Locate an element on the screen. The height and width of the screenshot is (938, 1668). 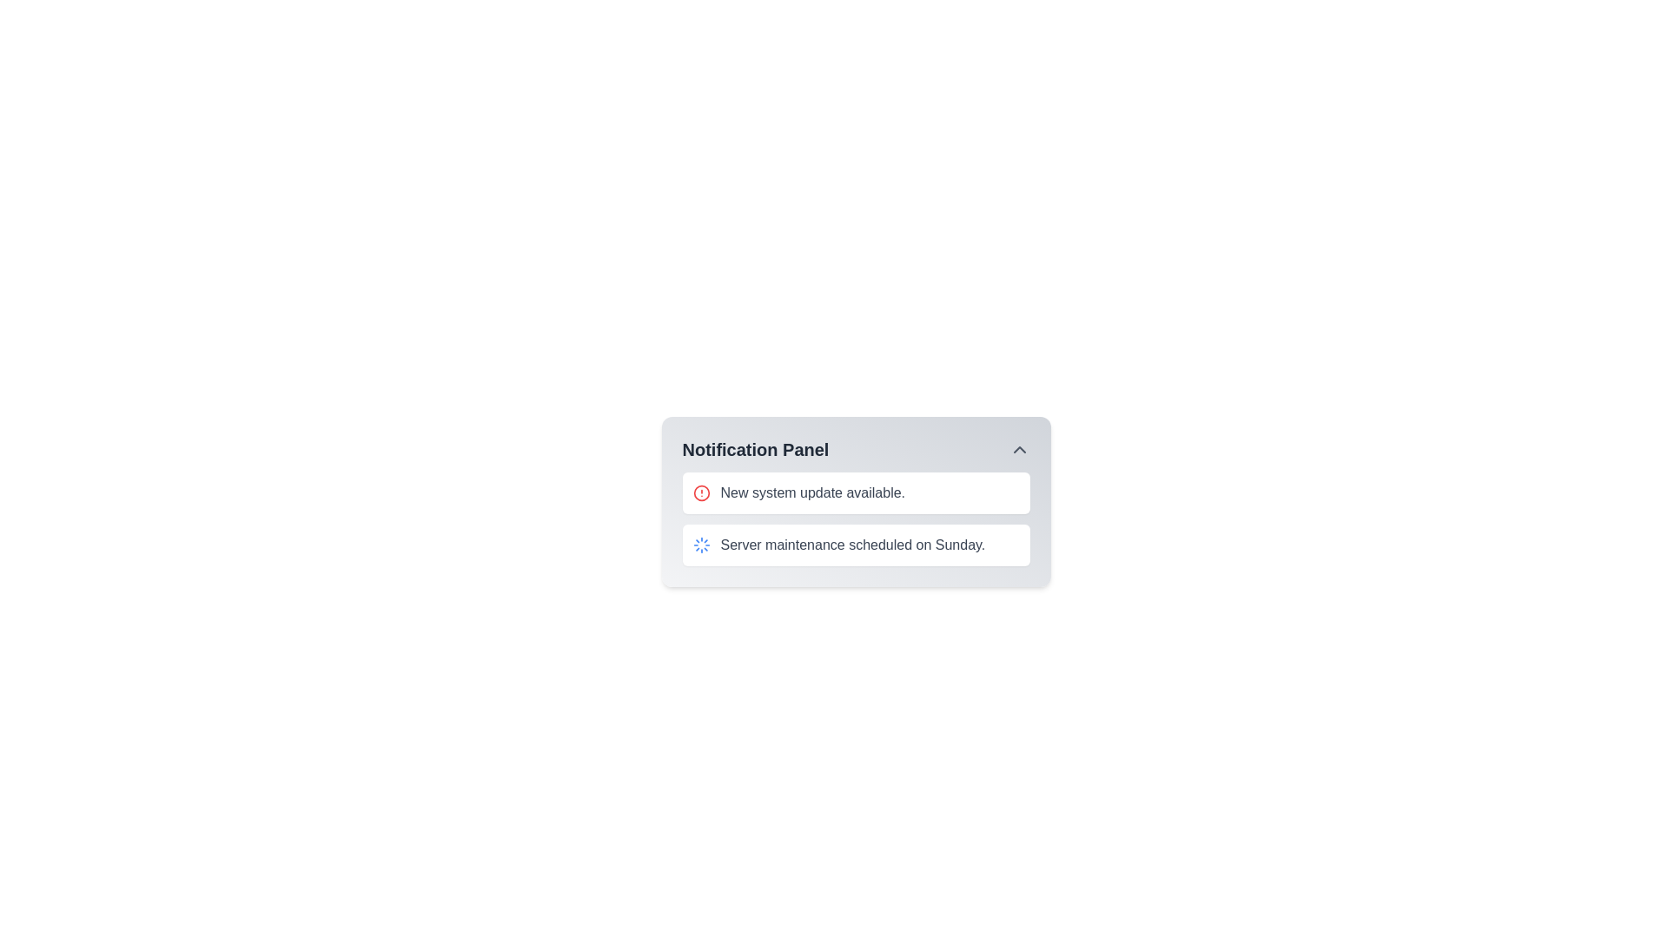
the red circular alert icon located to the left of the text 'New system update available.' in the notification card is located at coordinates (701, 492).